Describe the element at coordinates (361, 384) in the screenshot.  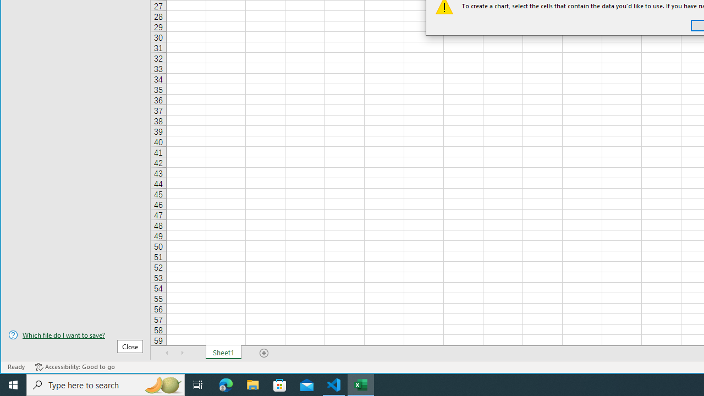
I see `'Excel - 1 running window'` at that location.